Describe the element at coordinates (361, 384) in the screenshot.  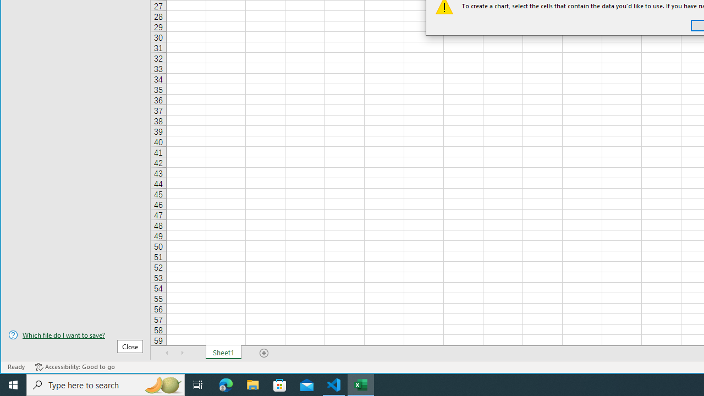
I see `'Excel - 1 running window'` at that location.